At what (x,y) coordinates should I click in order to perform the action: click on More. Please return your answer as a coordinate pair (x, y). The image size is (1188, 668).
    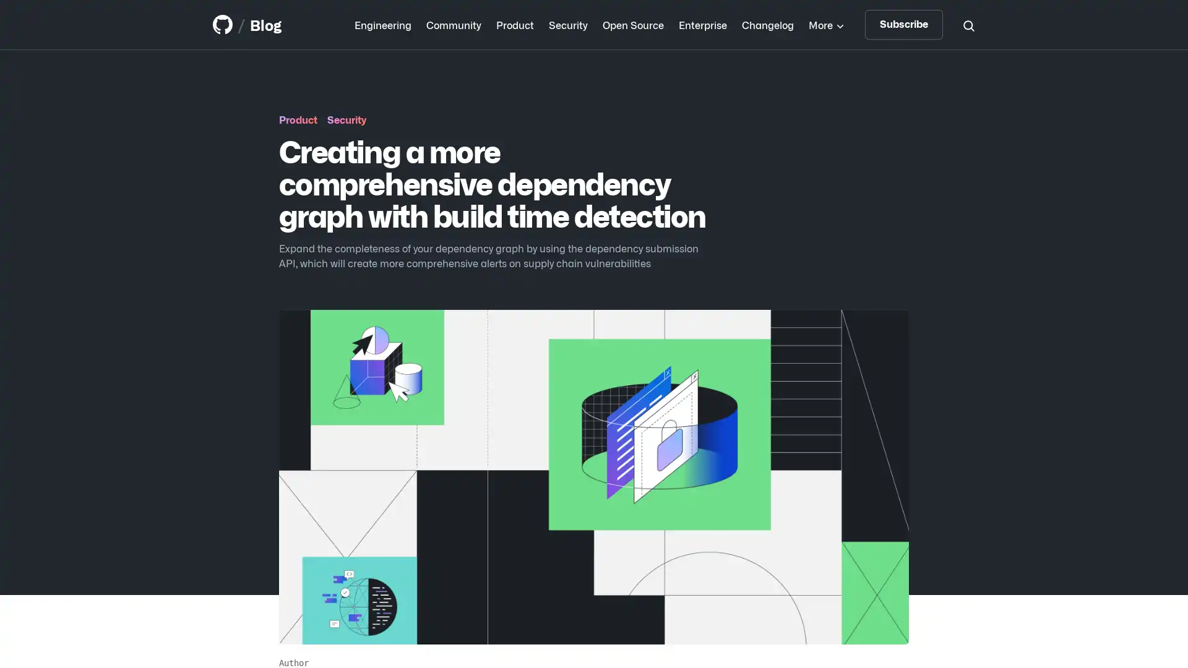
    Looking at the image, I should click on (827, 24).